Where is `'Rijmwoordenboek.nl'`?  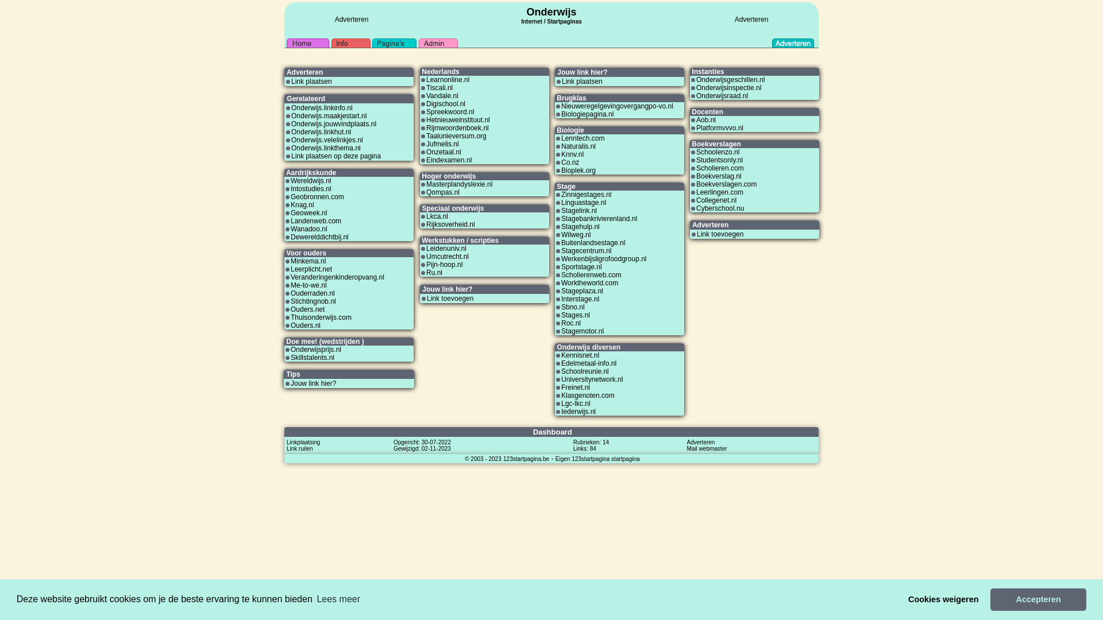
'Rijmwoordenboek.nl' is located at coordinates (457, 128).